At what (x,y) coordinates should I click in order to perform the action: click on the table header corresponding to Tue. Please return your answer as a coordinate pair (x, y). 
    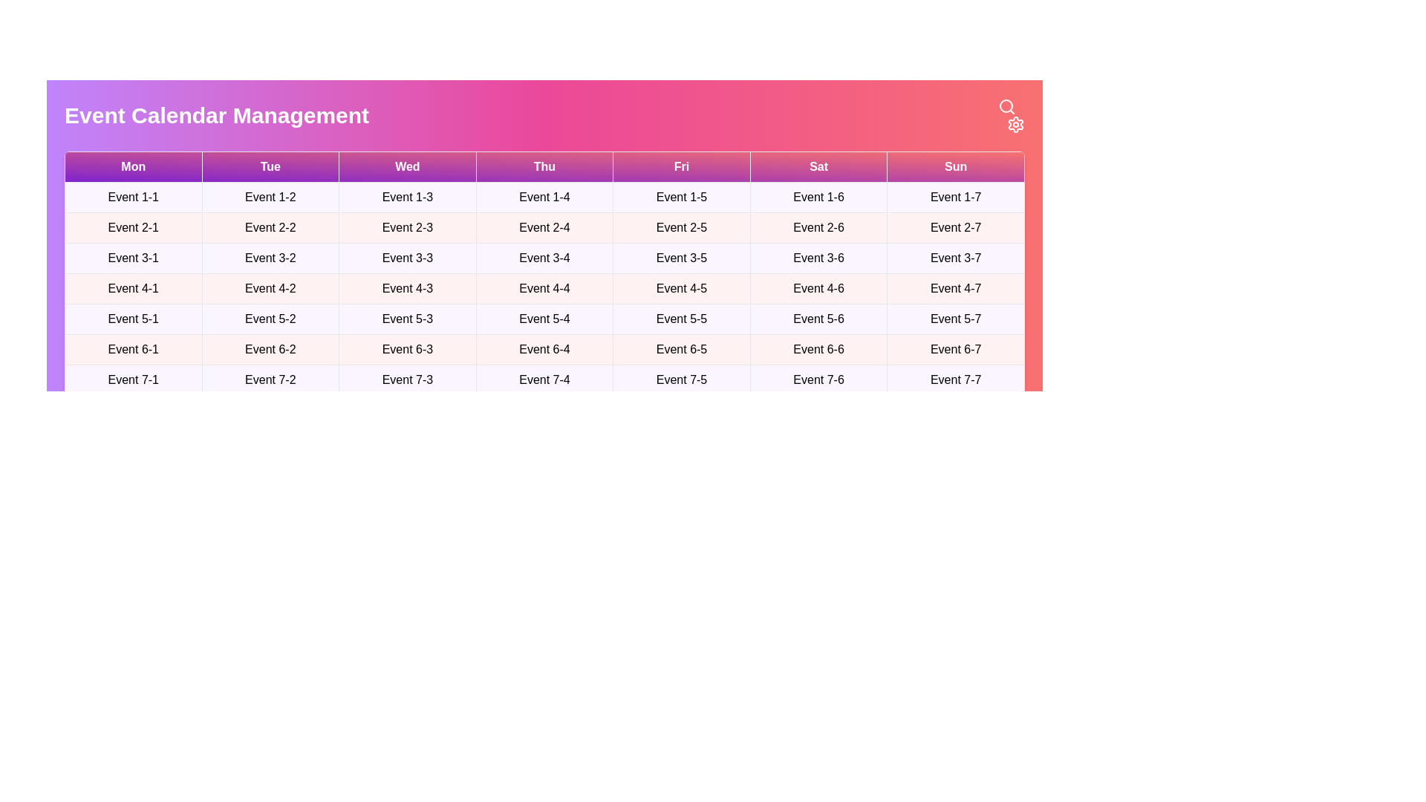
    Looking at the image, I should click on (270, 166).